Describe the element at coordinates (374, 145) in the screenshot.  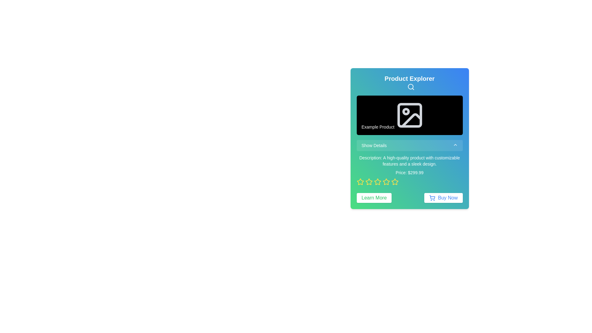
I see `the button-like text that toggles the visibility of additional product details located at the center of the product card above the product description section` at that location.